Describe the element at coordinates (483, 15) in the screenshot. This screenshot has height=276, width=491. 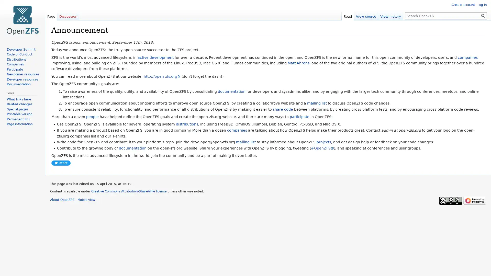
I see `Go` at that location.